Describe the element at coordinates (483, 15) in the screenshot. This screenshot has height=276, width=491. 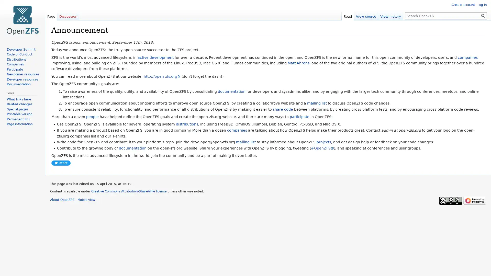
I see `Go` at that location.